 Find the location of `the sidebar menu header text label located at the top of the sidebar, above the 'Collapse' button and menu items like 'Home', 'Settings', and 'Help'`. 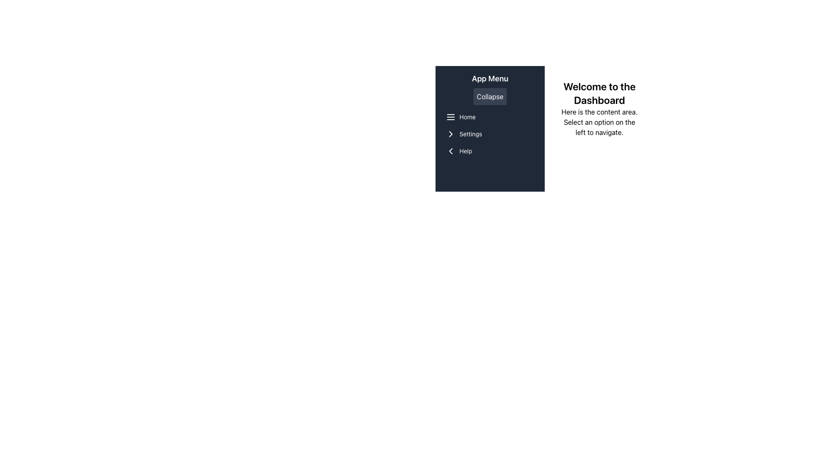

the sidebar menu header text label located at the top of the sidebar, above the 'Collapse' button and menu items like 'Home', 'Settings', and 'Help' is located at coordinates (490, 79).